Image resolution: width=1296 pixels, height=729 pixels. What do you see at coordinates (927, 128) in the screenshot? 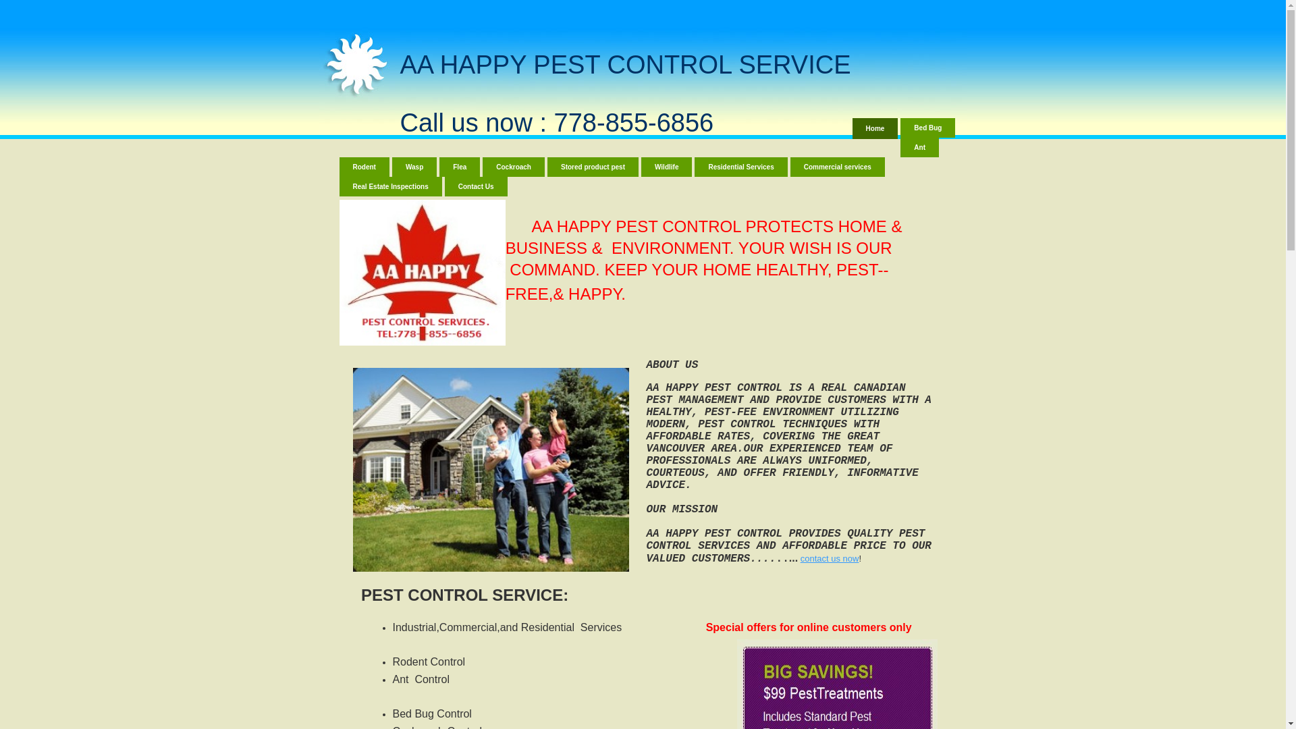
I see `'Bed Bug'` at bounding box center [927, 128].